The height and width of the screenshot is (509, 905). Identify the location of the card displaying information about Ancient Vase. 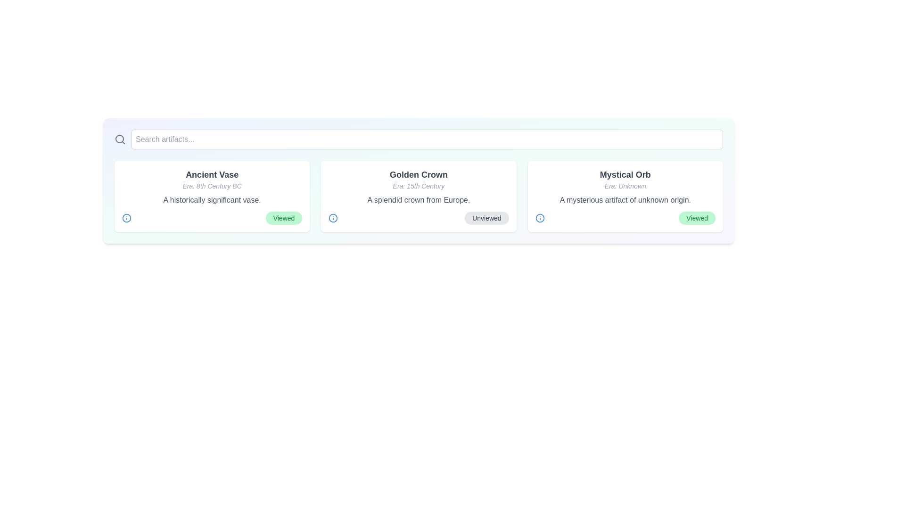
(212, 196).